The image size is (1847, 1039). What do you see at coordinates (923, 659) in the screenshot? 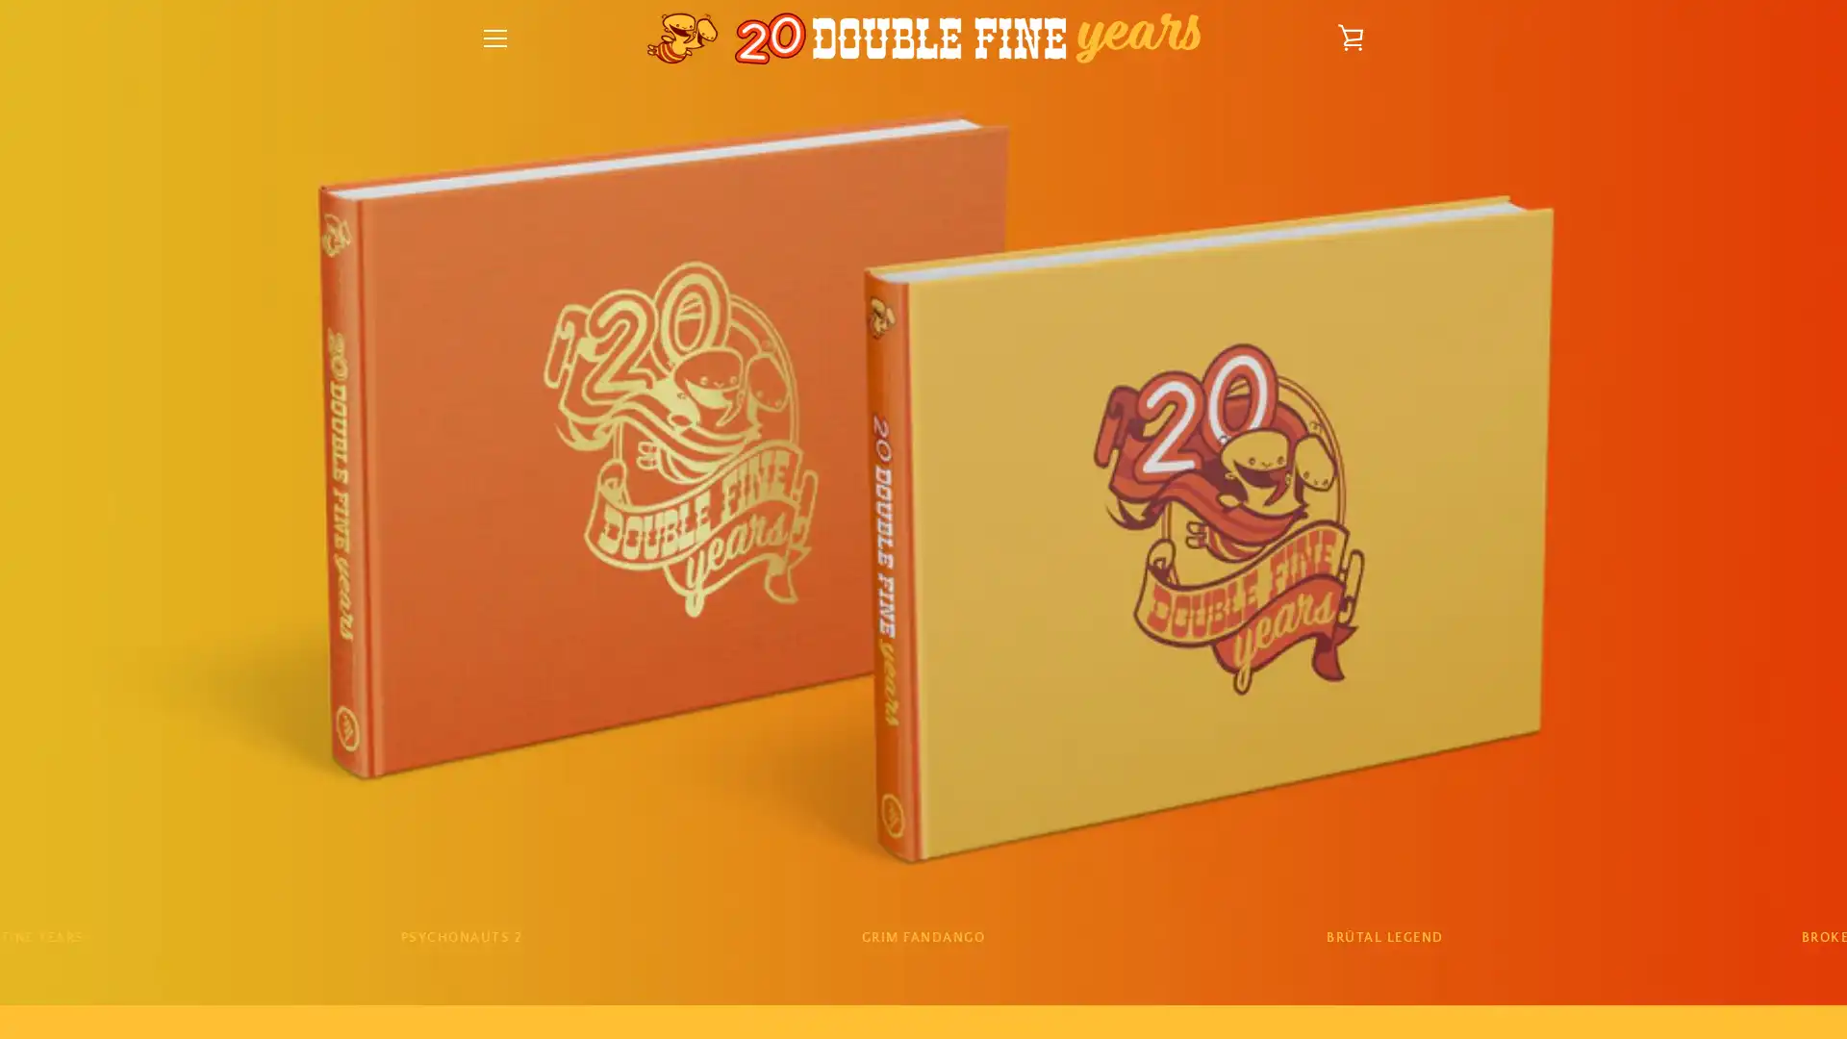
I see `Change shipping country` at bounding box center [923, 659].